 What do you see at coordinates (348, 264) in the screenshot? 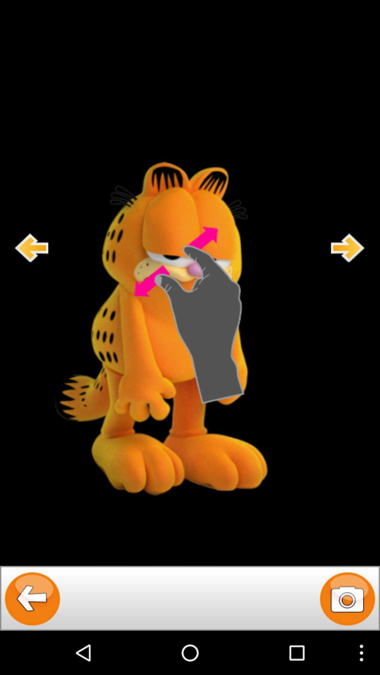
I see `the arrow_forward icon` at bounding box center [348, 264].